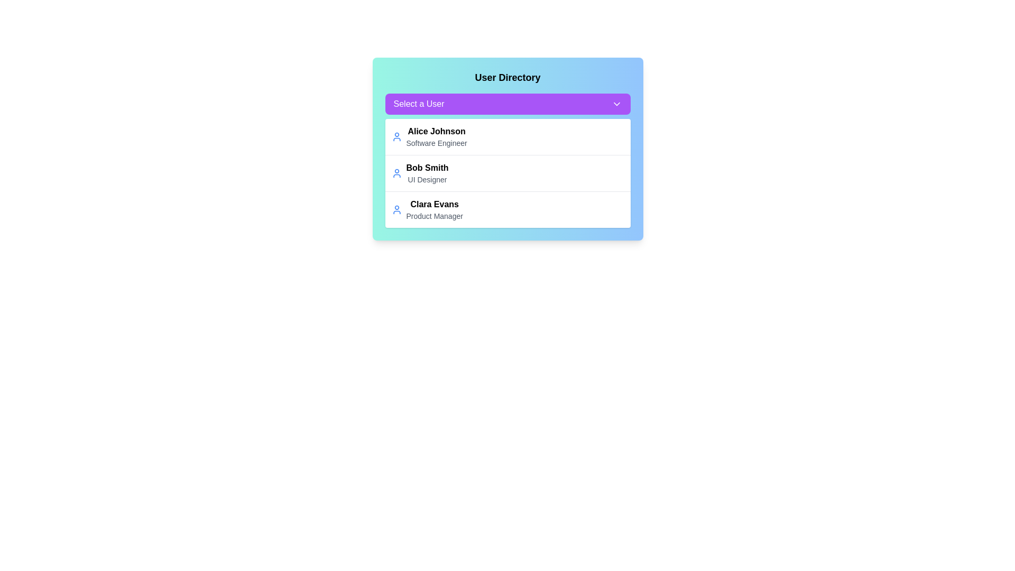 Image resolution: width=1015 pixels, height=571 pixels. What do you see at coordinates (437, 131) in the screenshot?
I see `the text label displaying 'Alice Johnson'` at bounding box center [437, 131].